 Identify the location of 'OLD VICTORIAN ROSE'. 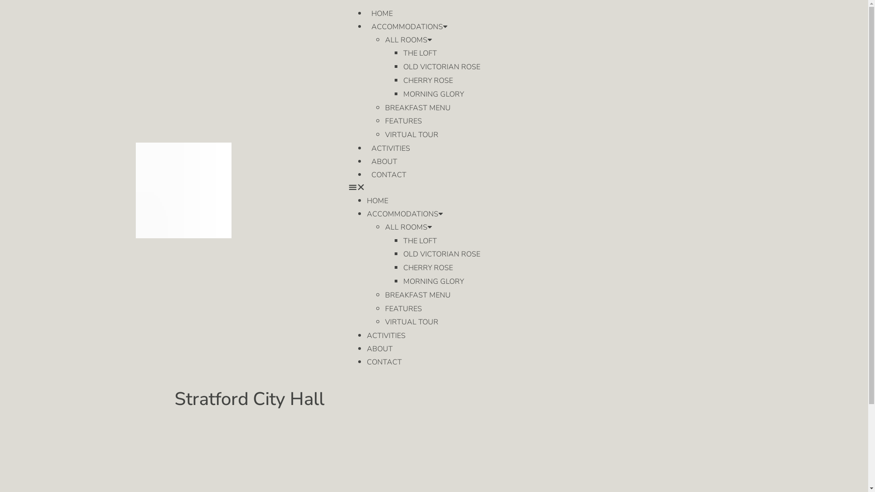
(442, 254).